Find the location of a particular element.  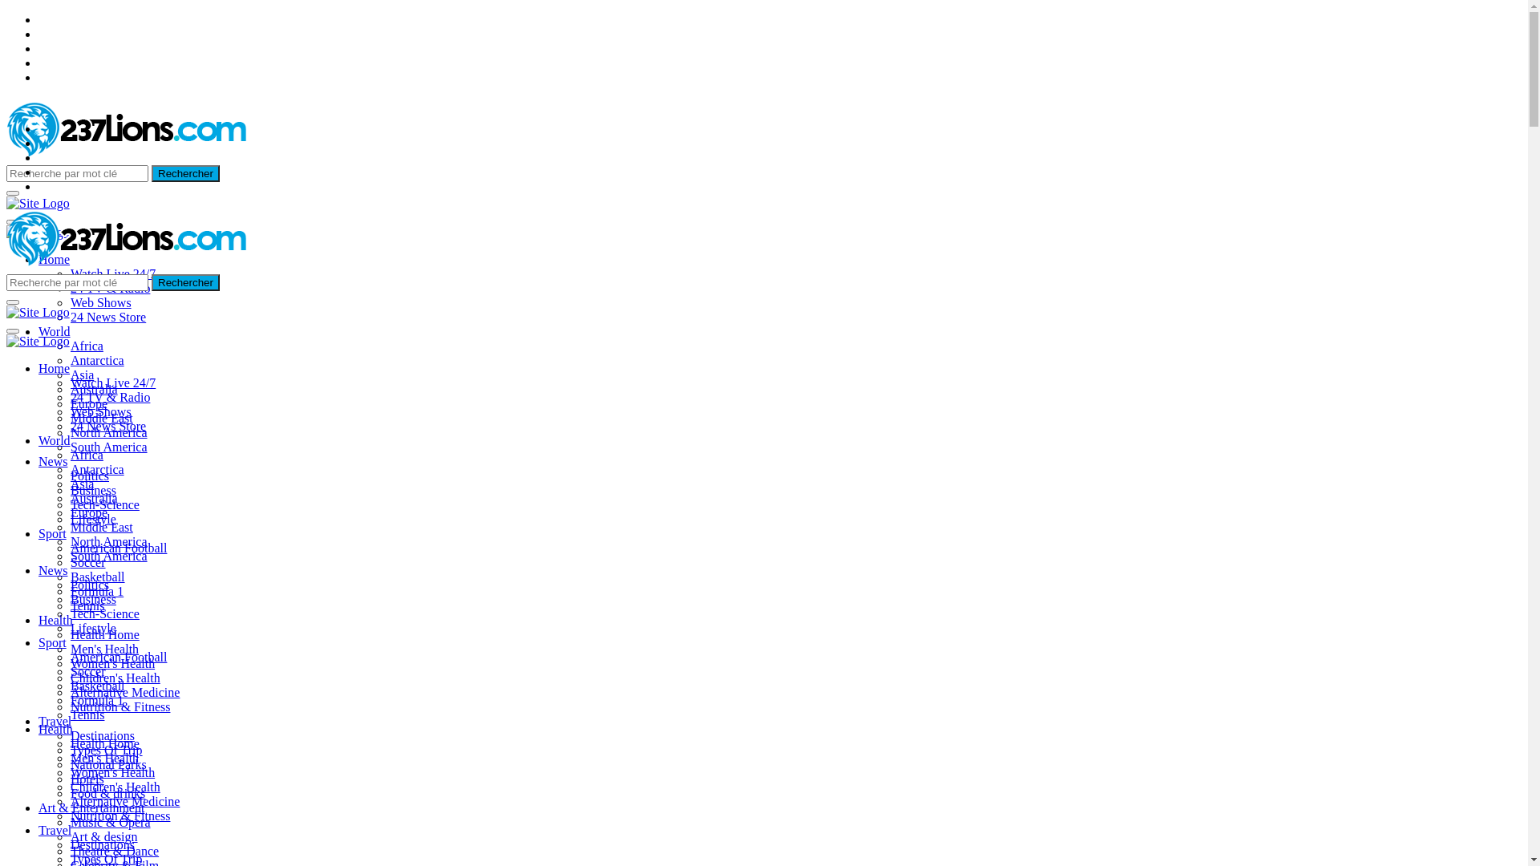

'Women's Health' is located at coordinates (111, 771).